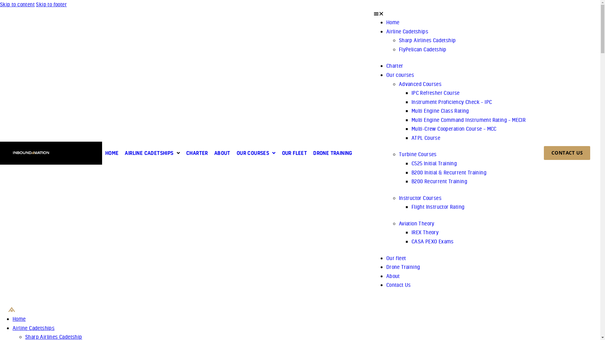 The height and width of the screenshot is (340, 605). Describe the element at coordinates (403, 267) in the screenshot. I see `'Drone Training'` at that location.